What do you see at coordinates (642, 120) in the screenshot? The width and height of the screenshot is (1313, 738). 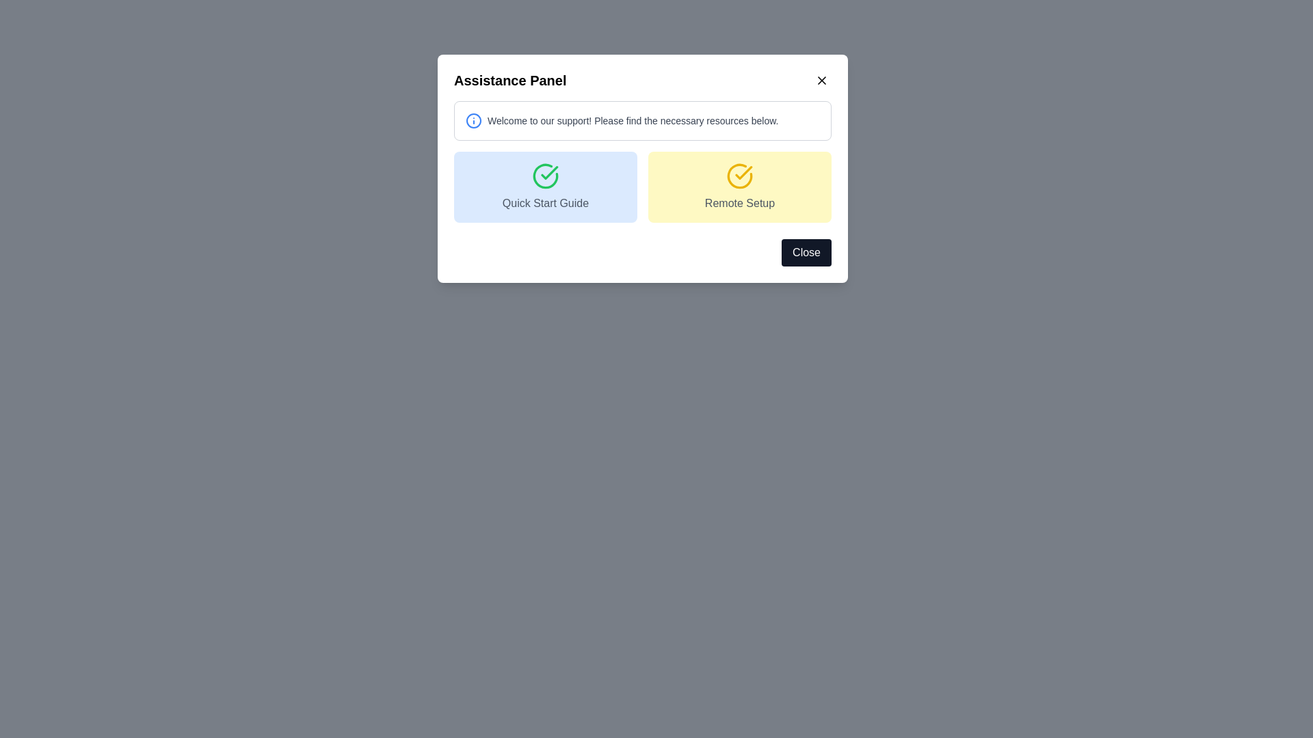 I see `the Informational panel located under the 'Assistance Panel' heading to read the contents` at bounding box center [642, 120].